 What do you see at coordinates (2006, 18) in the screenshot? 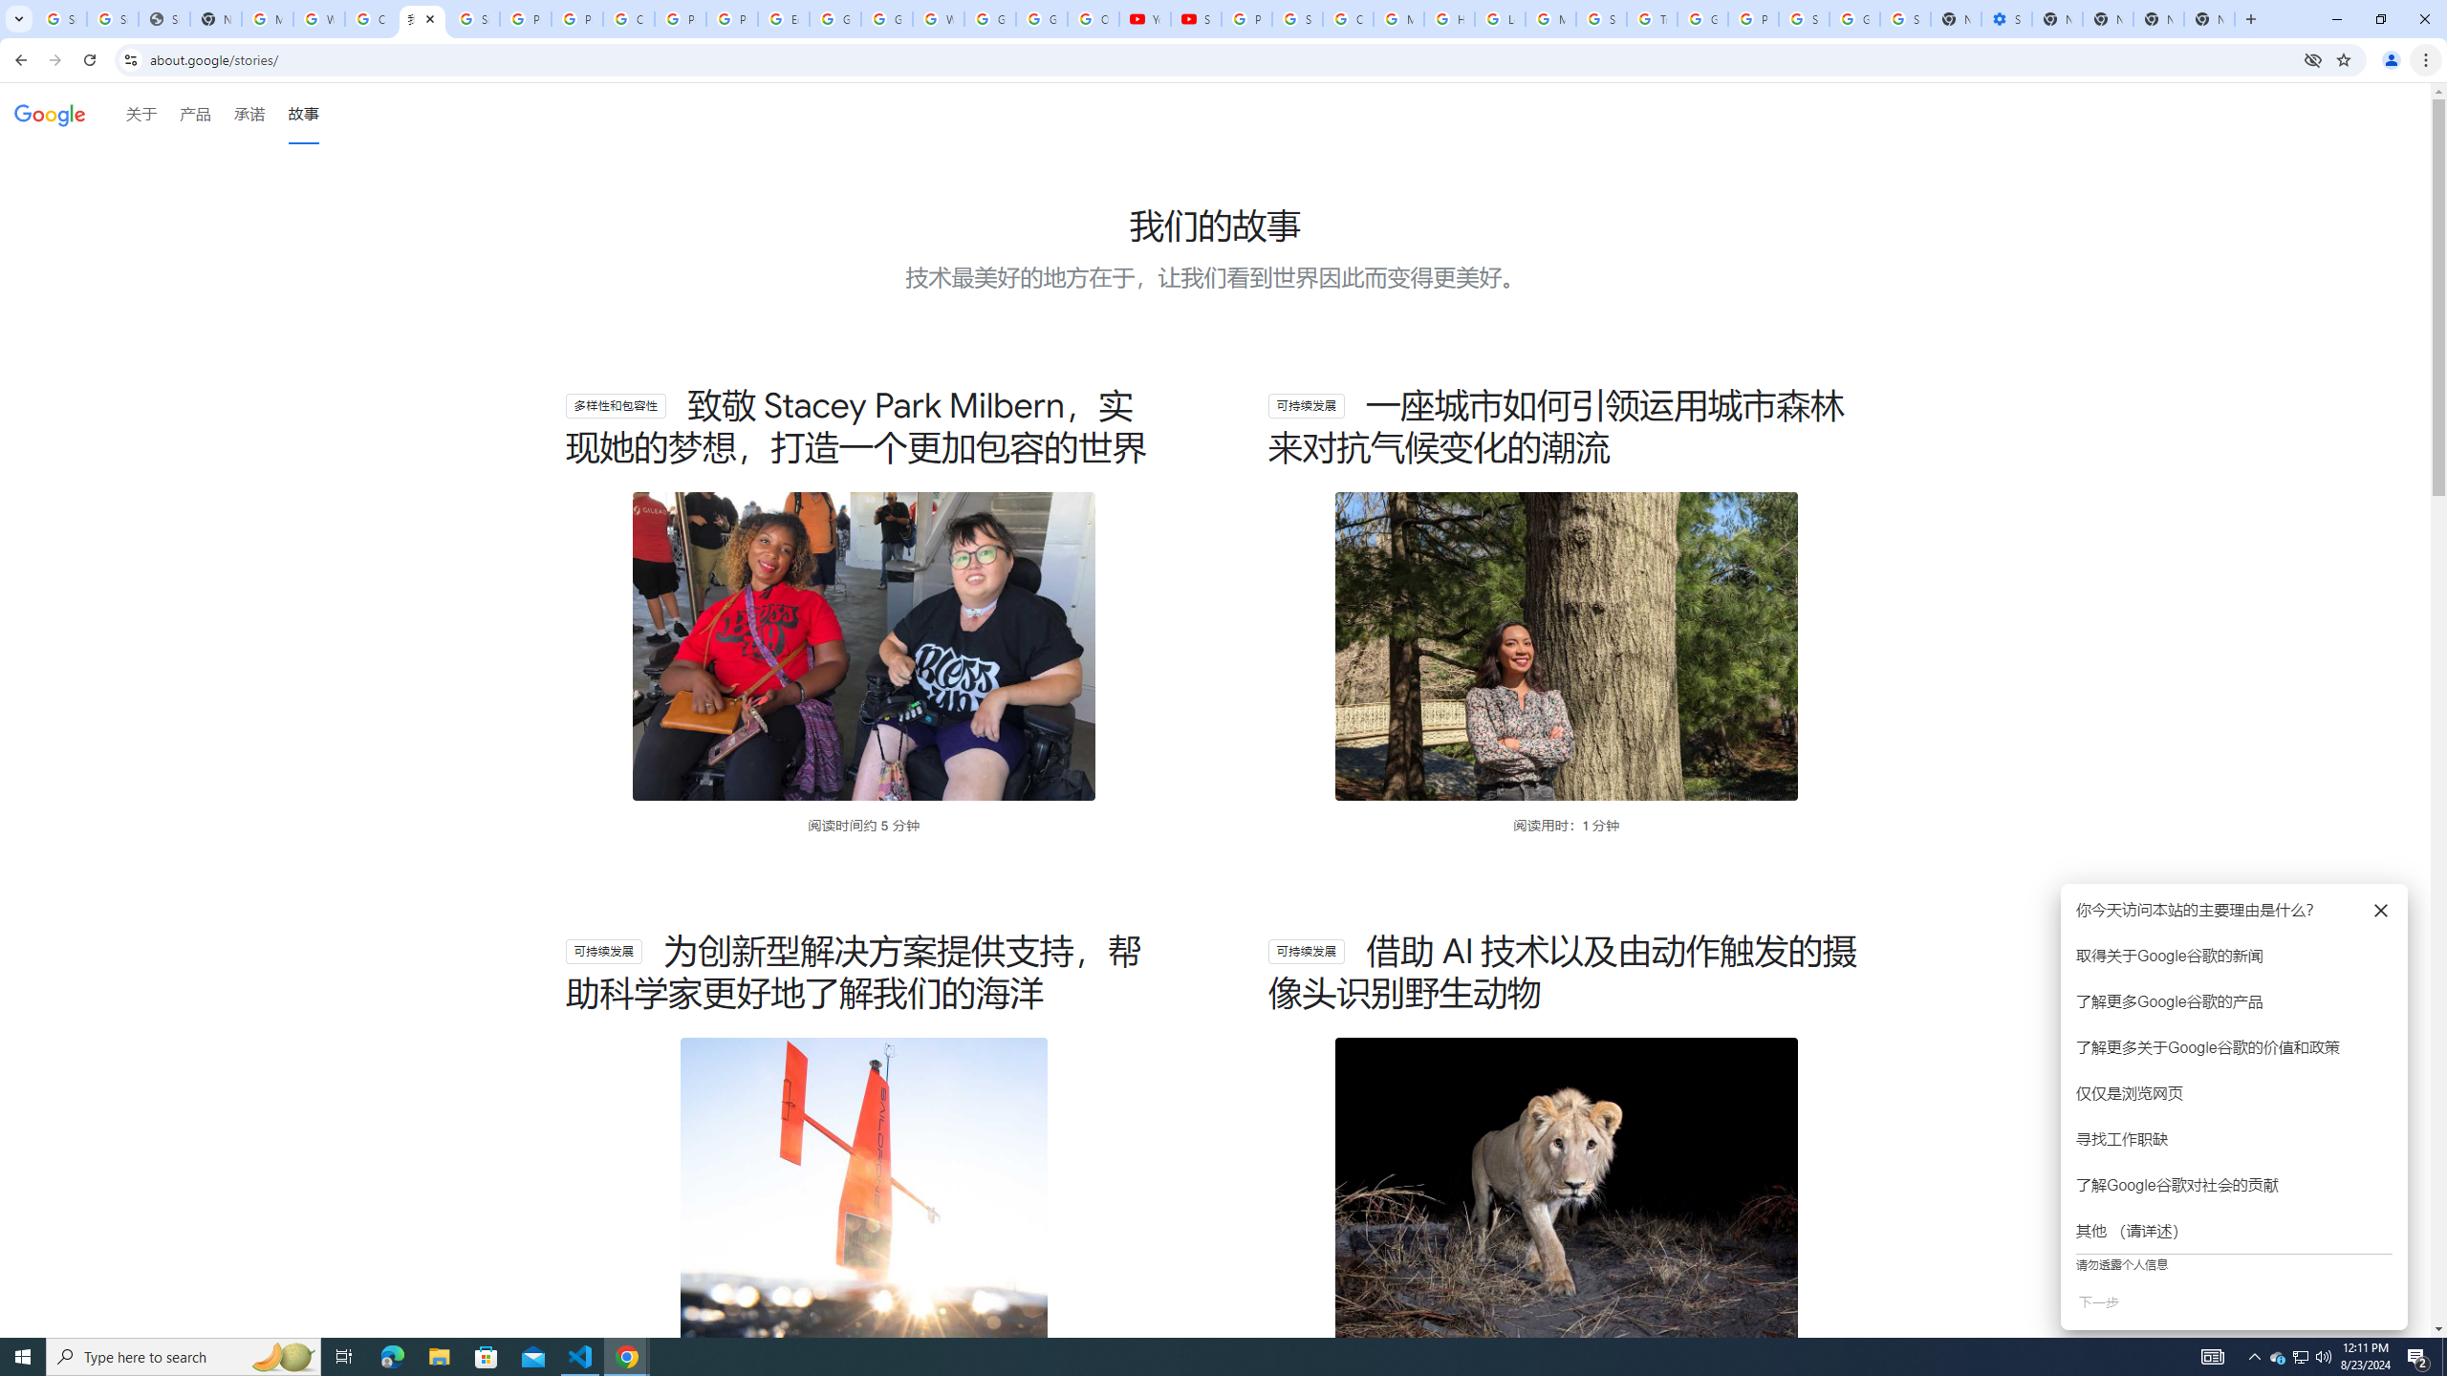
I see `'Settings - Performance'` at bounding box center [2006, 18].